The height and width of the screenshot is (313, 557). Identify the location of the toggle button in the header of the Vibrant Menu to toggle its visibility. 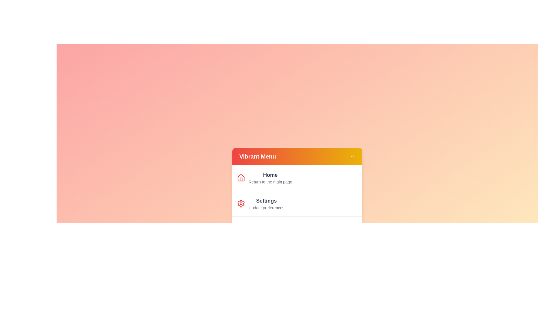
(352, 156).